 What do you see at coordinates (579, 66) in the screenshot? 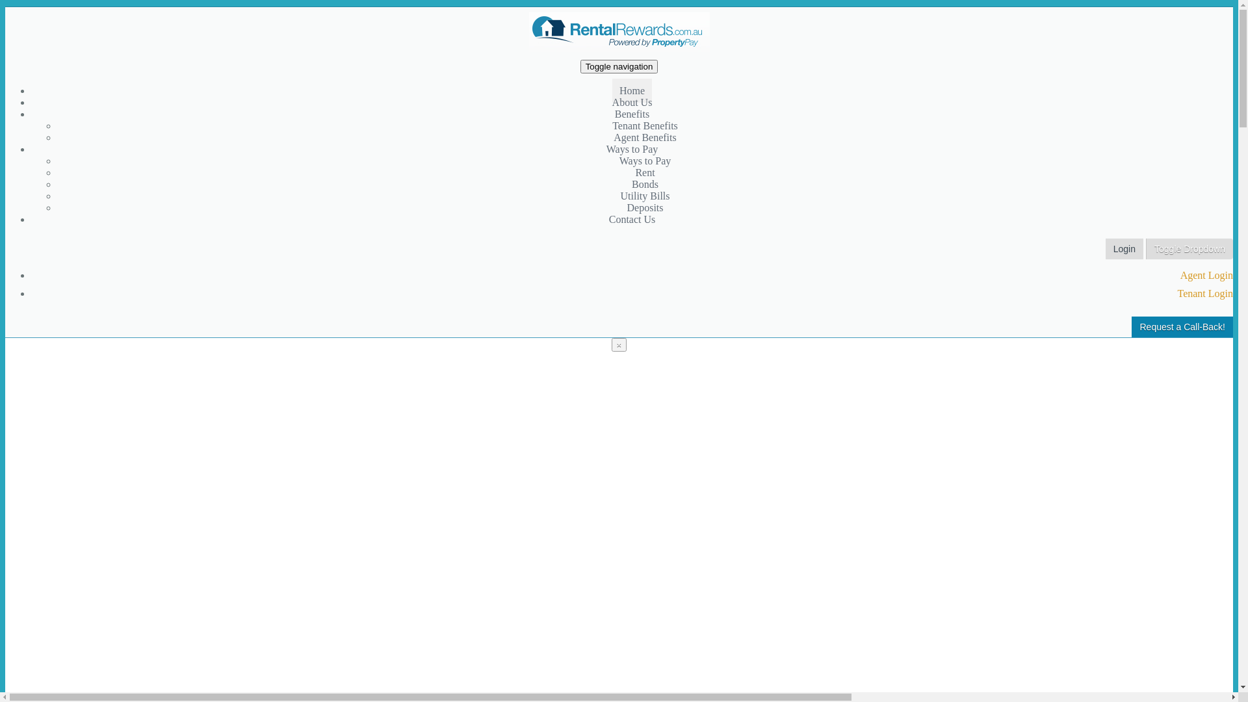
I see `'Toggle navigation'` at bounding box center [579, 66].